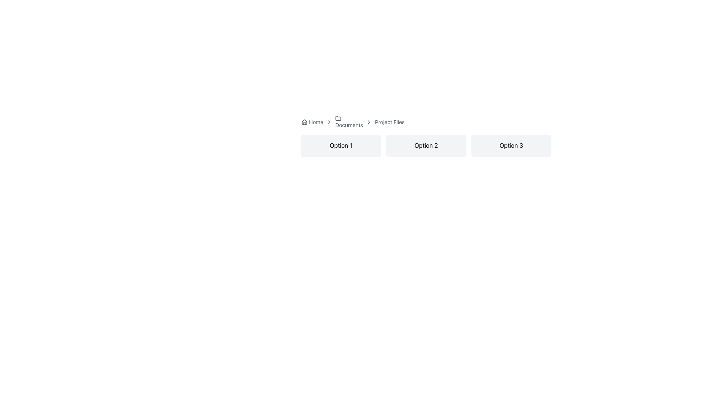 This screenshot has height=405, width=720. I want to click on the folder-shaped icon in the breadcrumb navigation bar, positioned to the left of the text 'Documents', so click(338, 118).